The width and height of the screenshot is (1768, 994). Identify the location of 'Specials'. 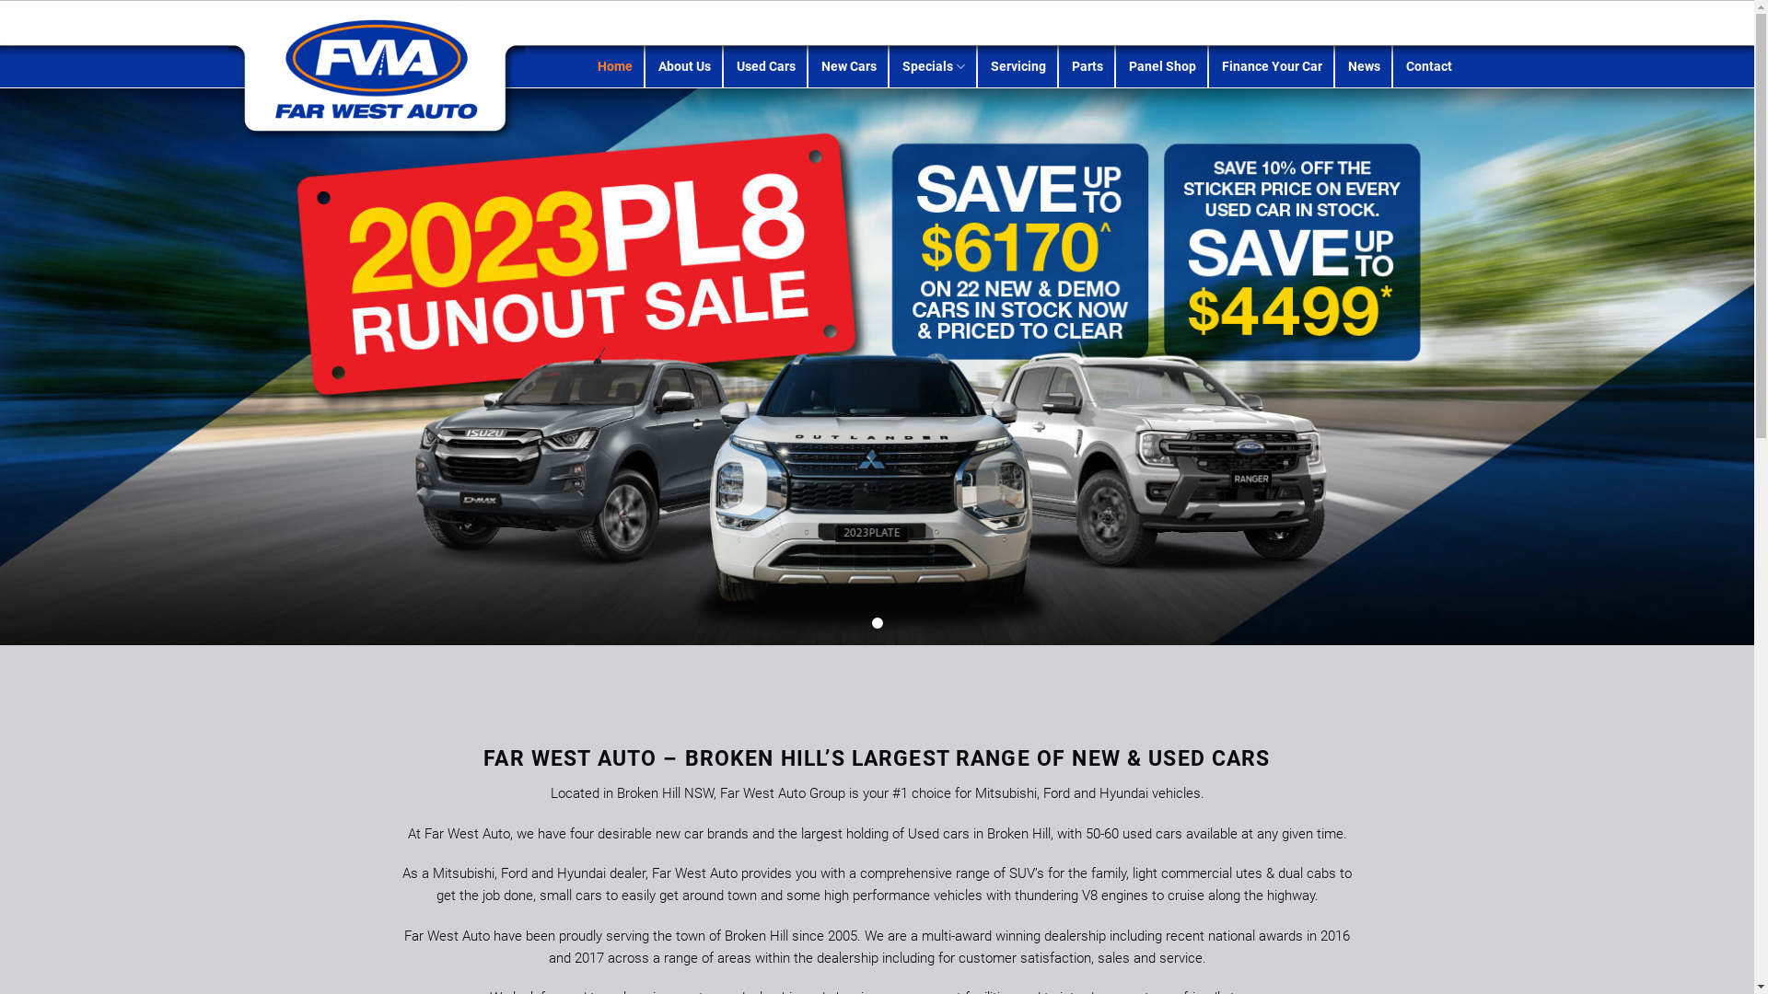
(933, 65).